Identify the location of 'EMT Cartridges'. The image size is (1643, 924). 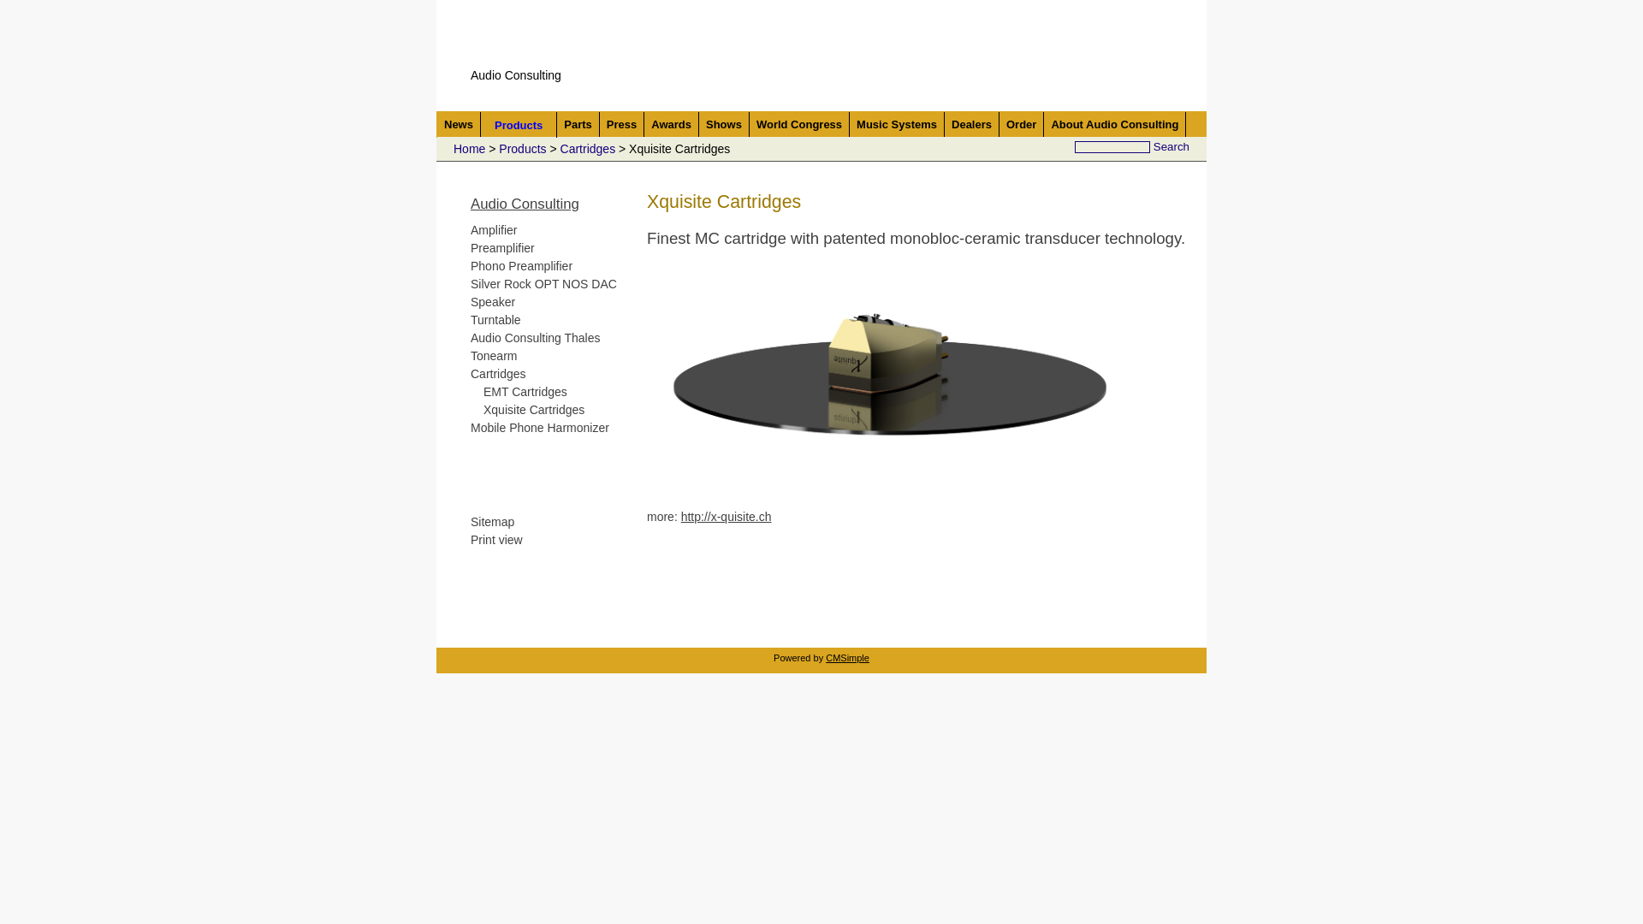
(525, 392).